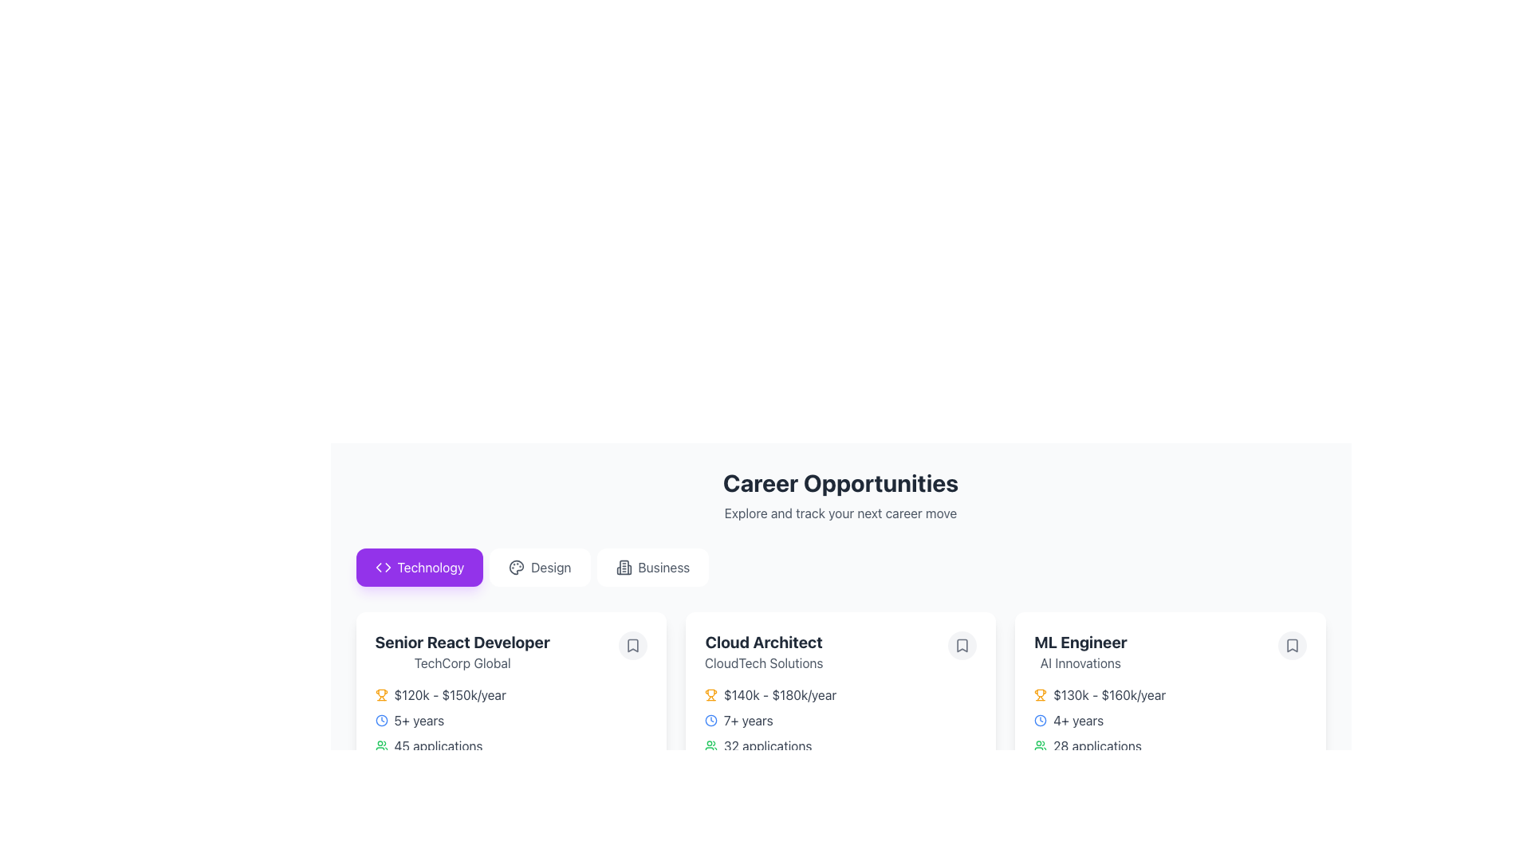  I want to click on the text element displaying '4+ years' located within the 'ML Engineer' card, so click(1078, 720).